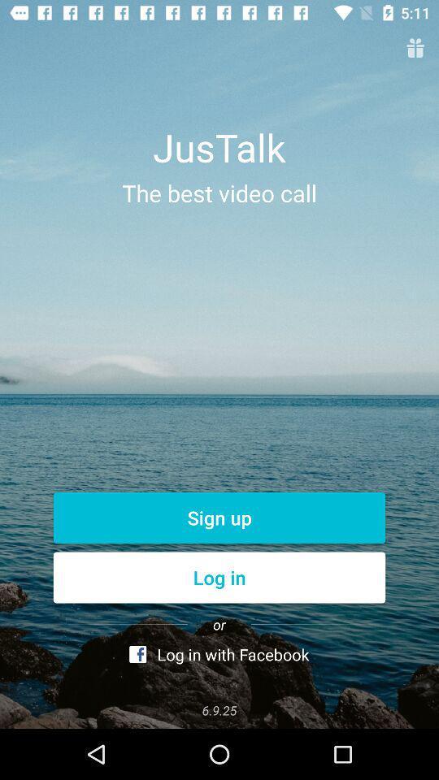 The image size is (439, 780). What do you see at coordinates (415, 48) in the screenshot?
I see `the gift icon` at bounding box center [415, 48].